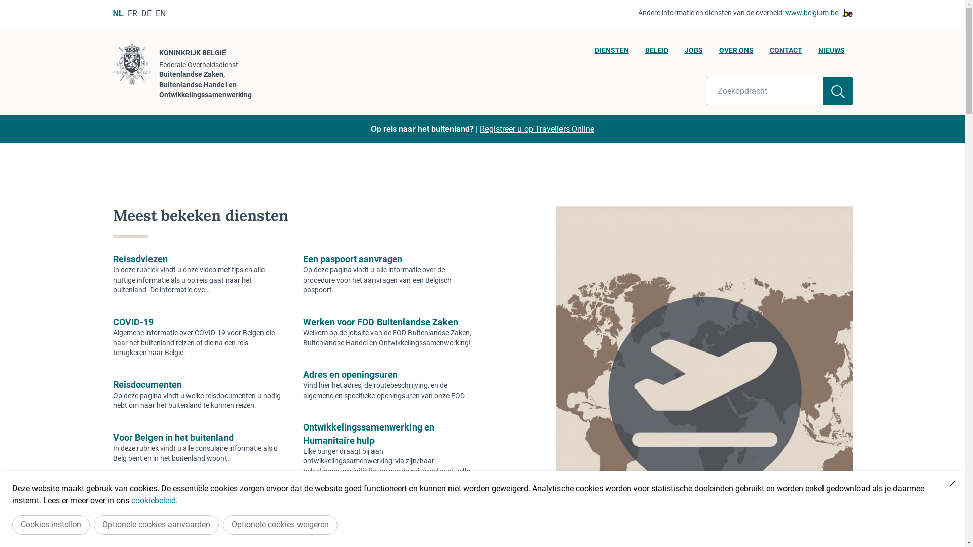  Describe the element at coordinates (785, 13) in the screenshot. I see `'www.belgium.be'` at that location.